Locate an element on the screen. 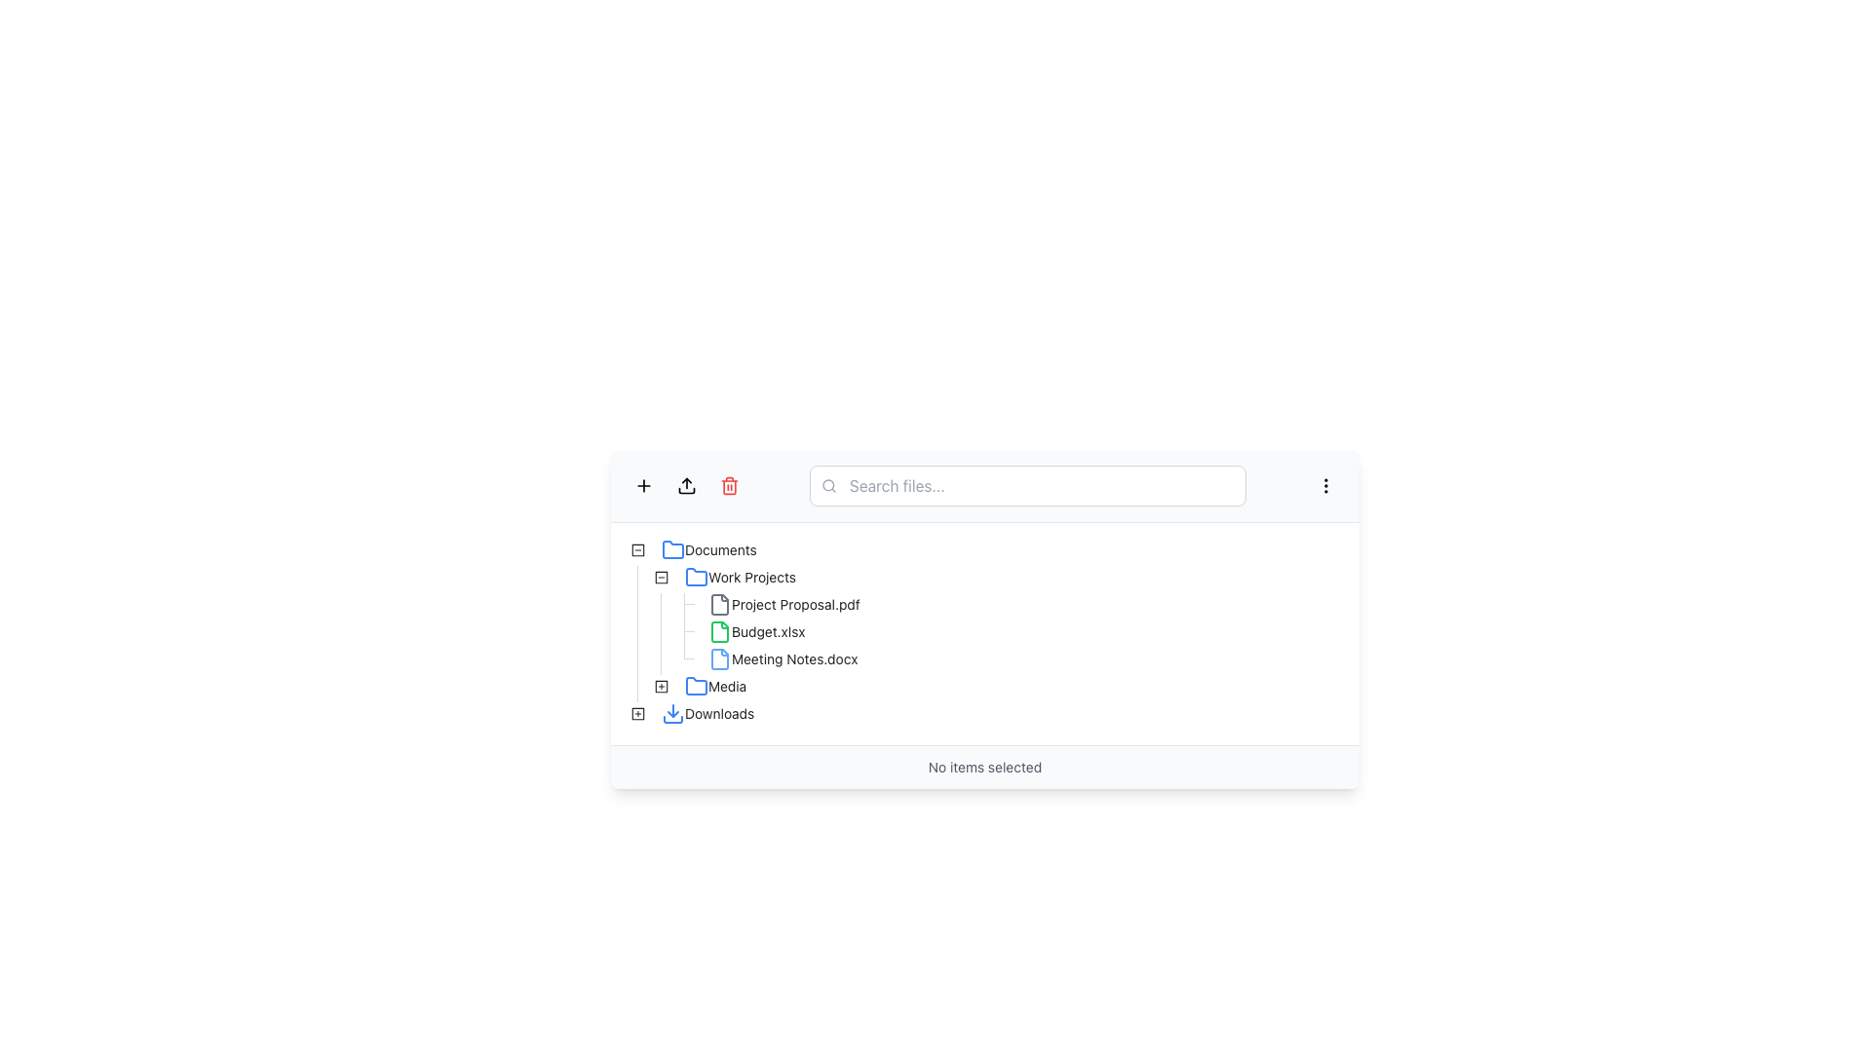  the 'Documents' folder label in the file management tree is located at coordinates (707, 549).